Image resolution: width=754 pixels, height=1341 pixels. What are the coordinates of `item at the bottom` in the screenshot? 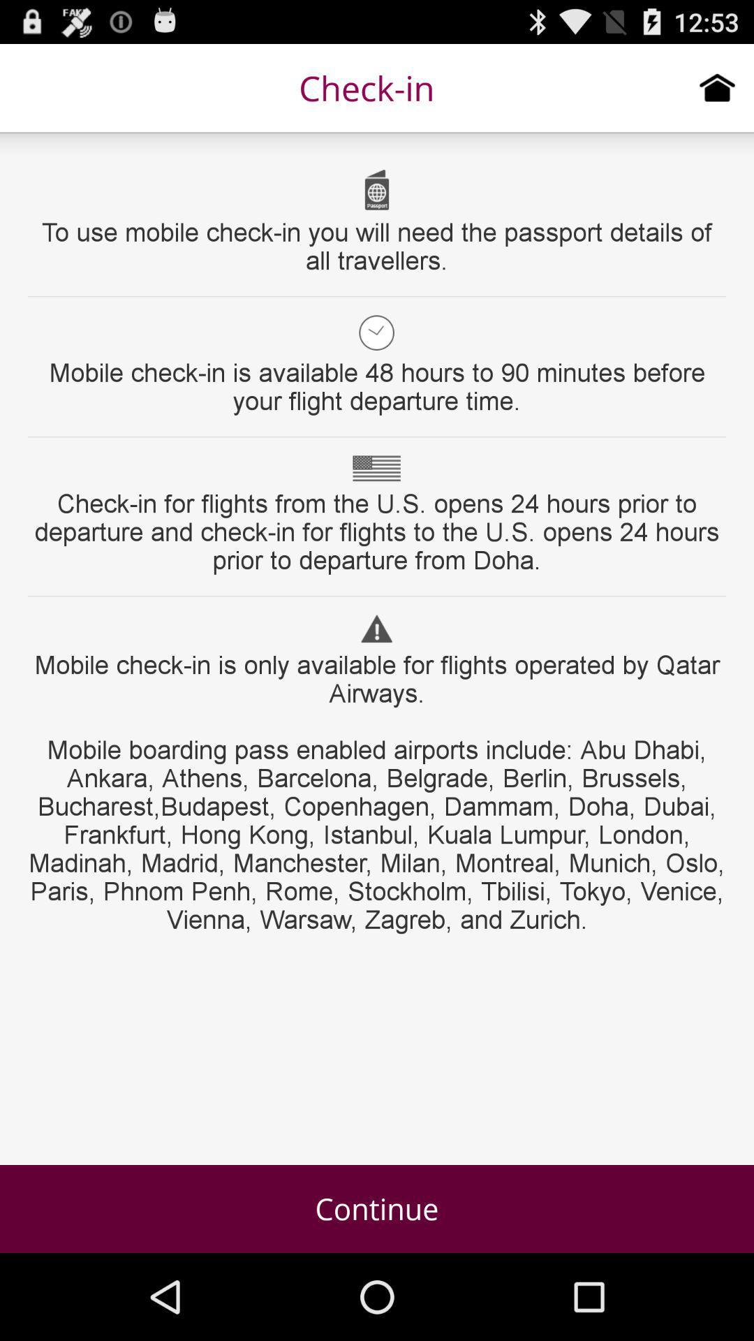 It's located at (377, 1208).